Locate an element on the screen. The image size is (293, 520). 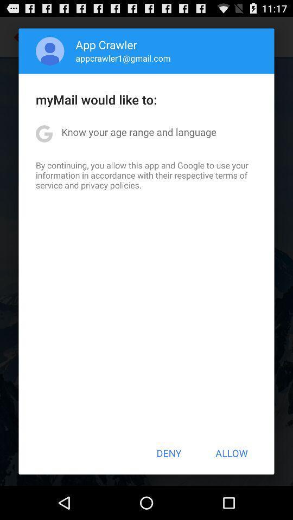
deny button is located at coordinates (169, 453).